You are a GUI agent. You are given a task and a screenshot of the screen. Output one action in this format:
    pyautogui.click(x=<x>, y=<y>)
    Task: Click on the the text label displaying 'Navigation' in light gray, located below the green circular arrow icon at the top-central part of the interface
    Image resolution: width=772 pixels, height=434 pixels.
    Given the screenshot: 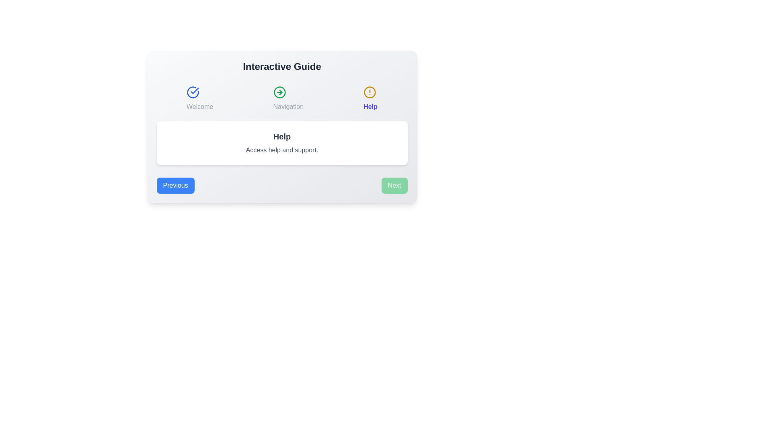 What is the action you would take?
    pyautogui.click(x=288, y=106)
    